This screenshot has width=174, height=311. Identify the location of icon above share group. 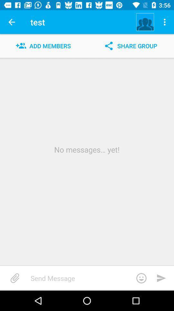
(165, 22).